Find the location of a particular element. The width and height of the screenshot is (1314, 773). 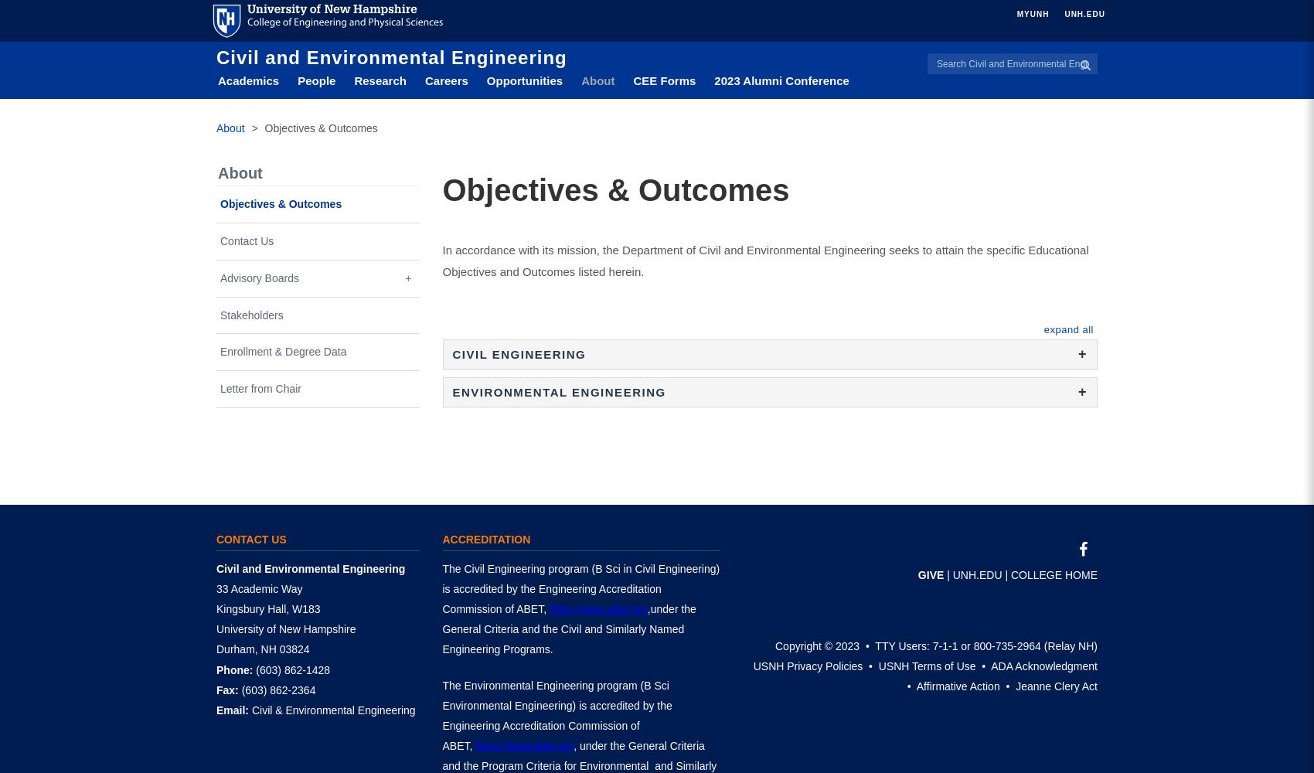

'Advisory Boards' is located at coordinates (258, 277).